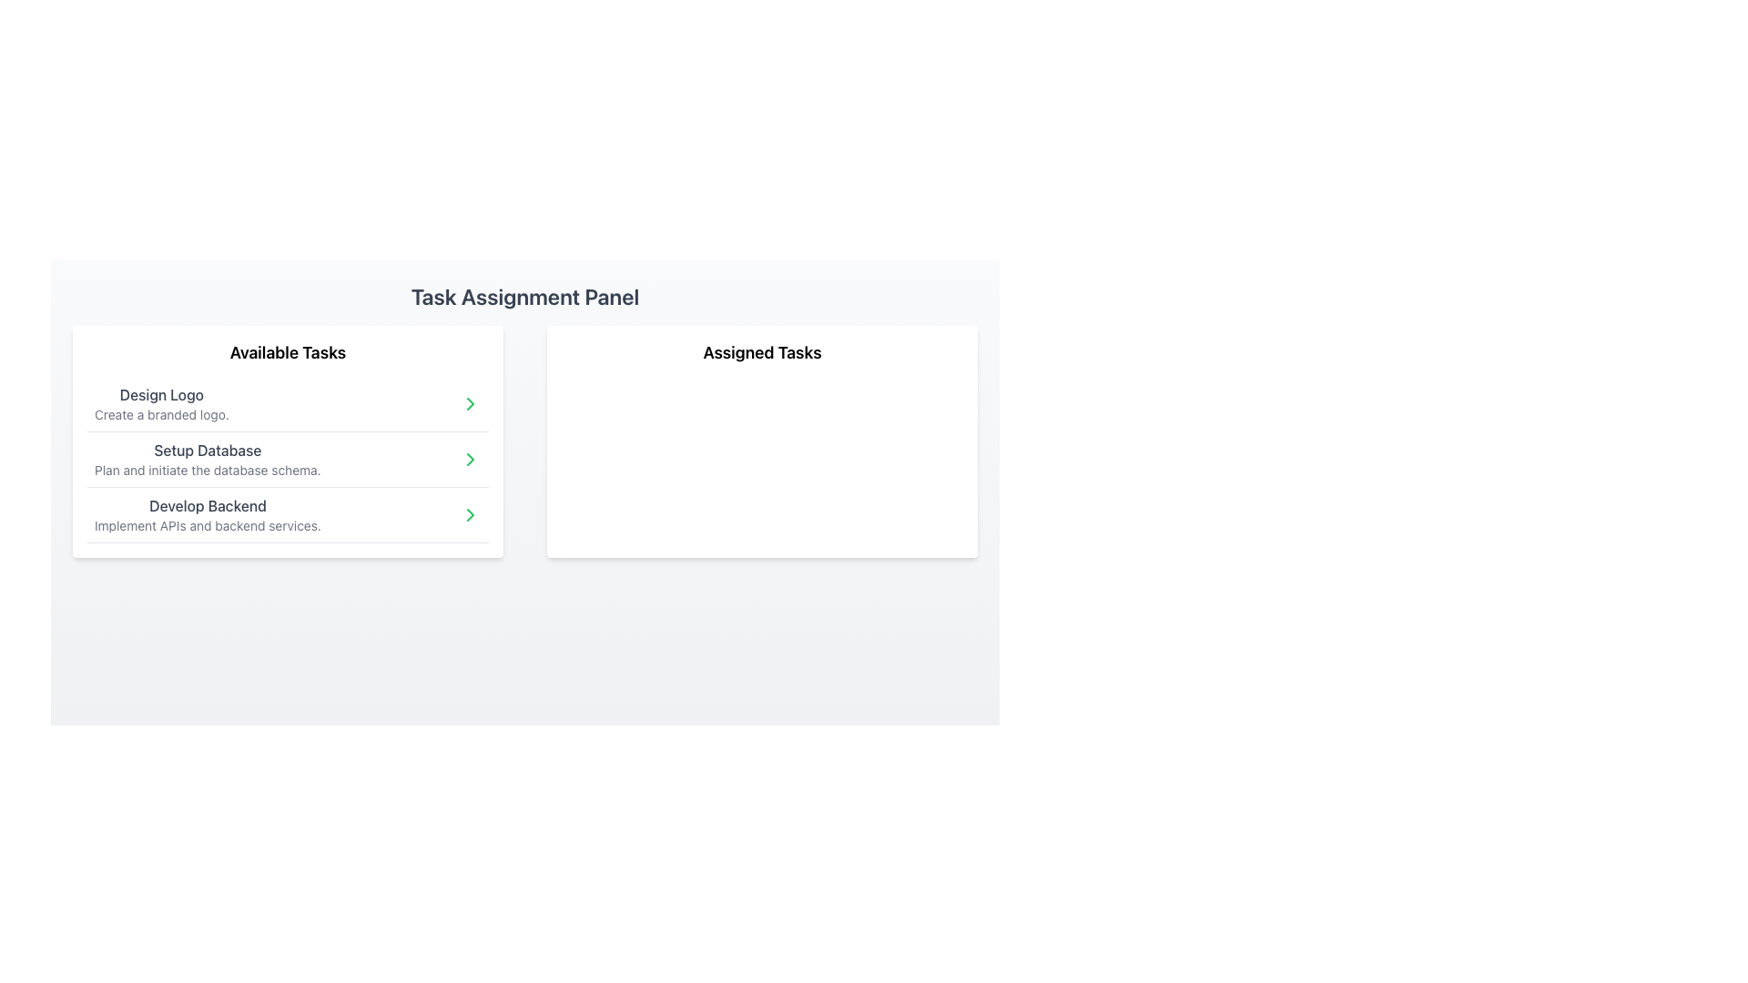  Describe the element at coordinates (471, 402) in the screenshot. I see `the Icon button located to the right of the 'Design Logo' text in the 'Available Tasks' section` at that location.